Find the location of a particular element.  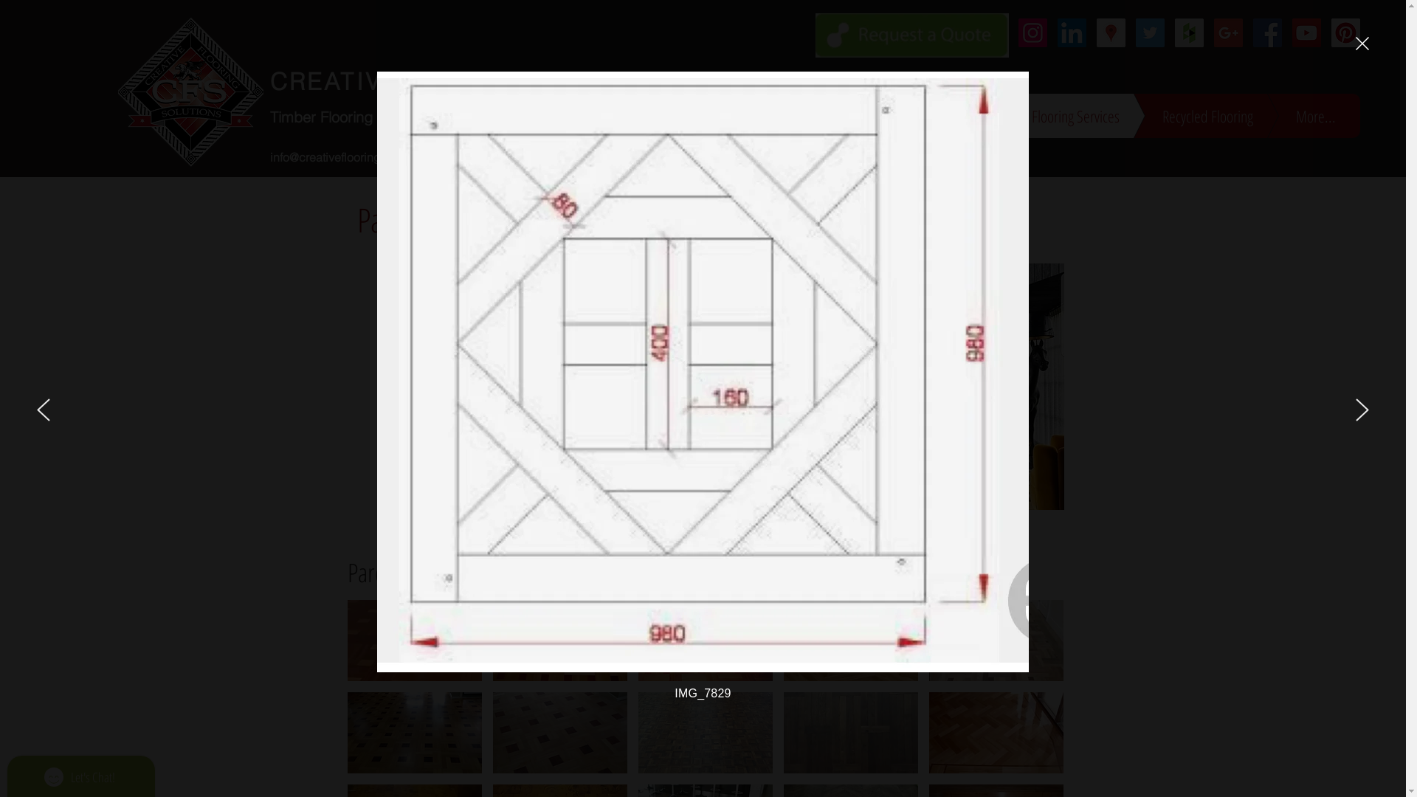

'Recycled Flooring' is located at coordinates (1186, 114).